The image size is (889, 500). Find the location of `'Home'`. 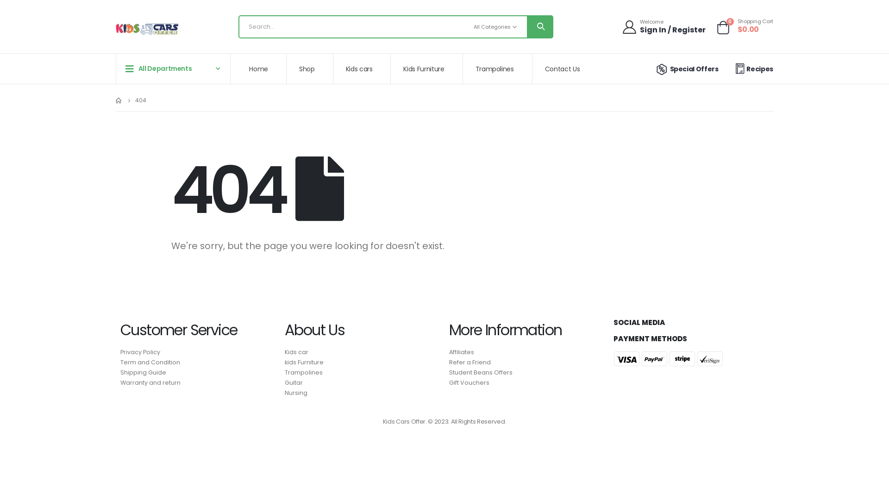

'Home' is located at coordinates (237, 69).